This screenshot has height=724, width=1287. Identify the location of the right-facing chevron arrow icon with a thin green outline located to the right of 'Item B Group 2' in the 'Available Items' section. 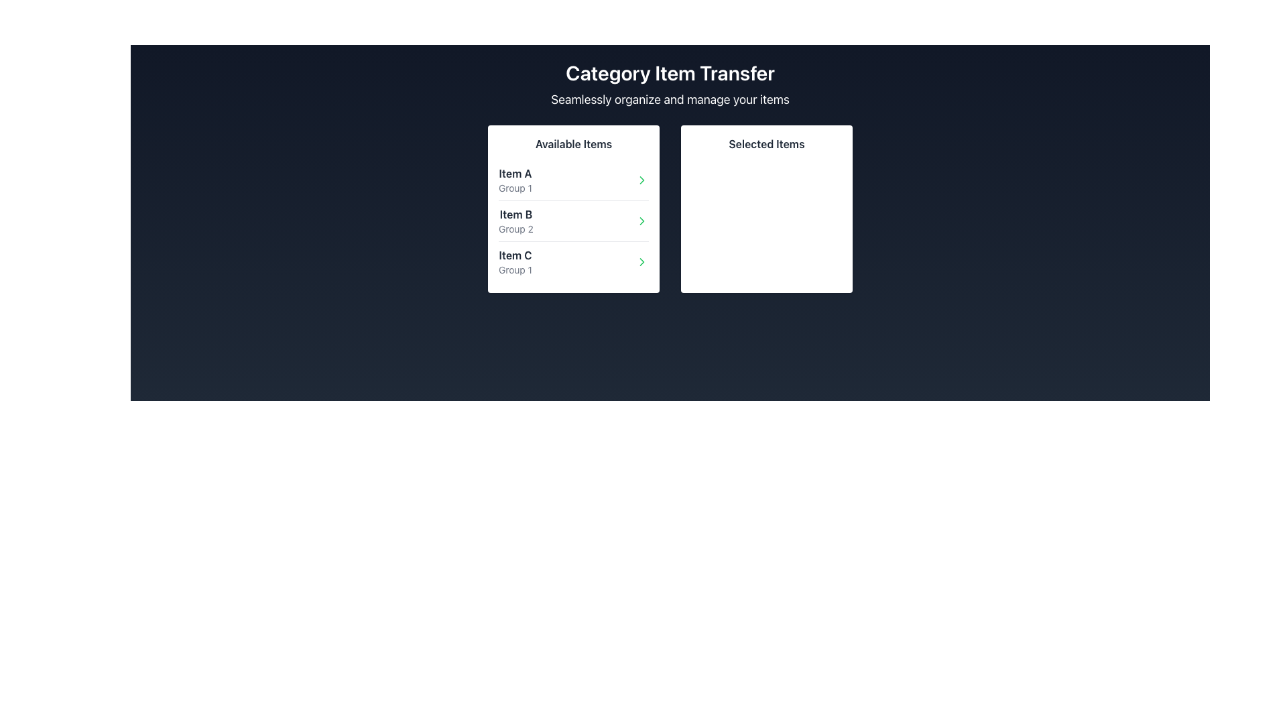
(641, 221).